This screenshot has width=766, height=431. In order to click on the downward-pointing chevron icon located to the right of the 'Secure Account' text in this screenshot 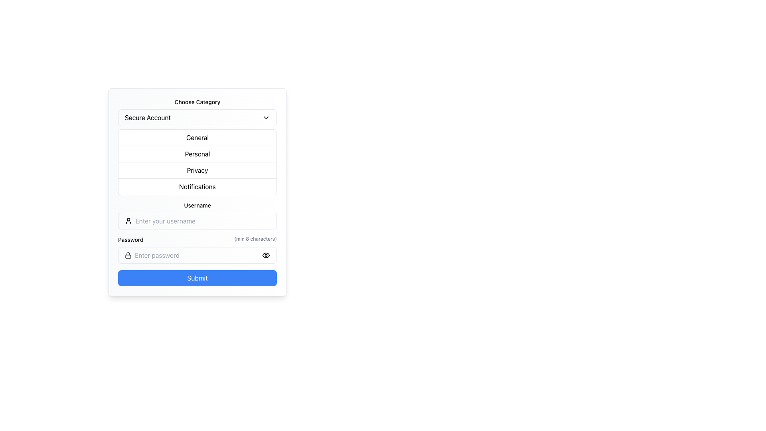, I will do `click(266, 117)`.